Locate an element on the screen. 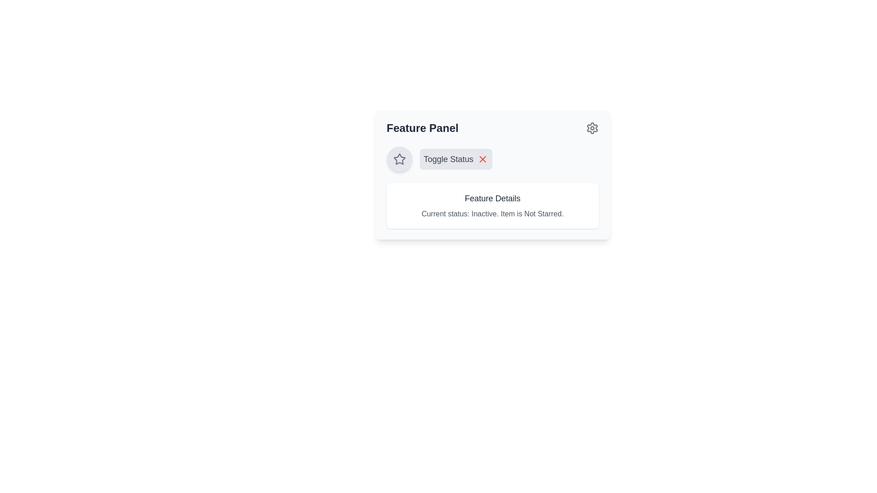 The height and width of the screenshot is (493, 877). the 'close' or 'delete' icon located to the right of the 'Toggle Status' button is located at coordinates (482, 158).